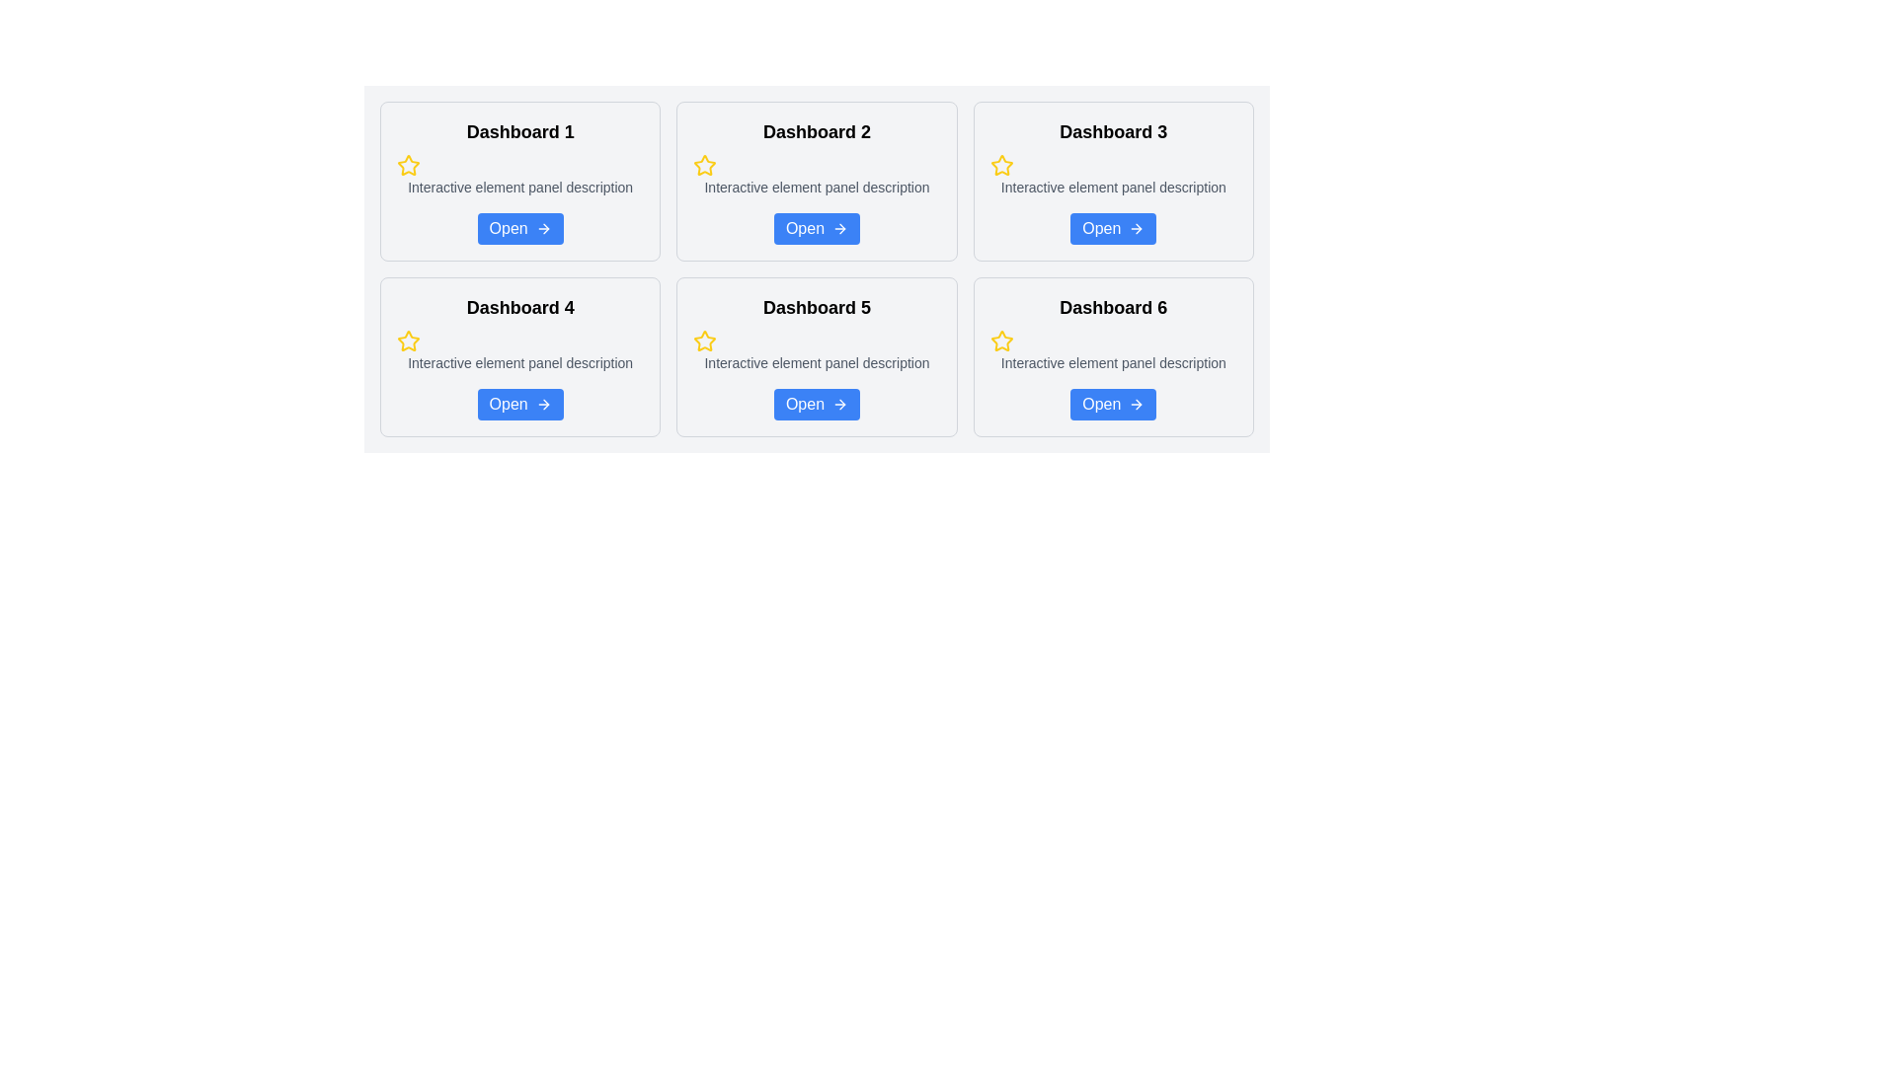 The image size is (1896, 1066). I want to click on the yellow star-shaped icon located at the top-left corner of the 'Dashboard 1' panel, so click(407, 164).